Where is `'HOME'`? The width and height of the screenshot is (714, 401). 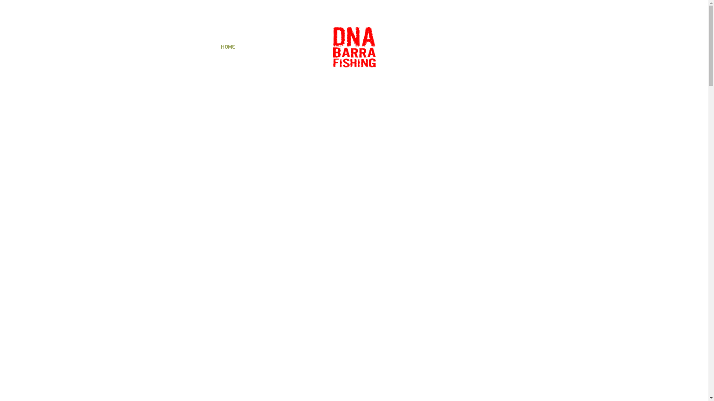
'HOME' is located at coordinates (228, 47).